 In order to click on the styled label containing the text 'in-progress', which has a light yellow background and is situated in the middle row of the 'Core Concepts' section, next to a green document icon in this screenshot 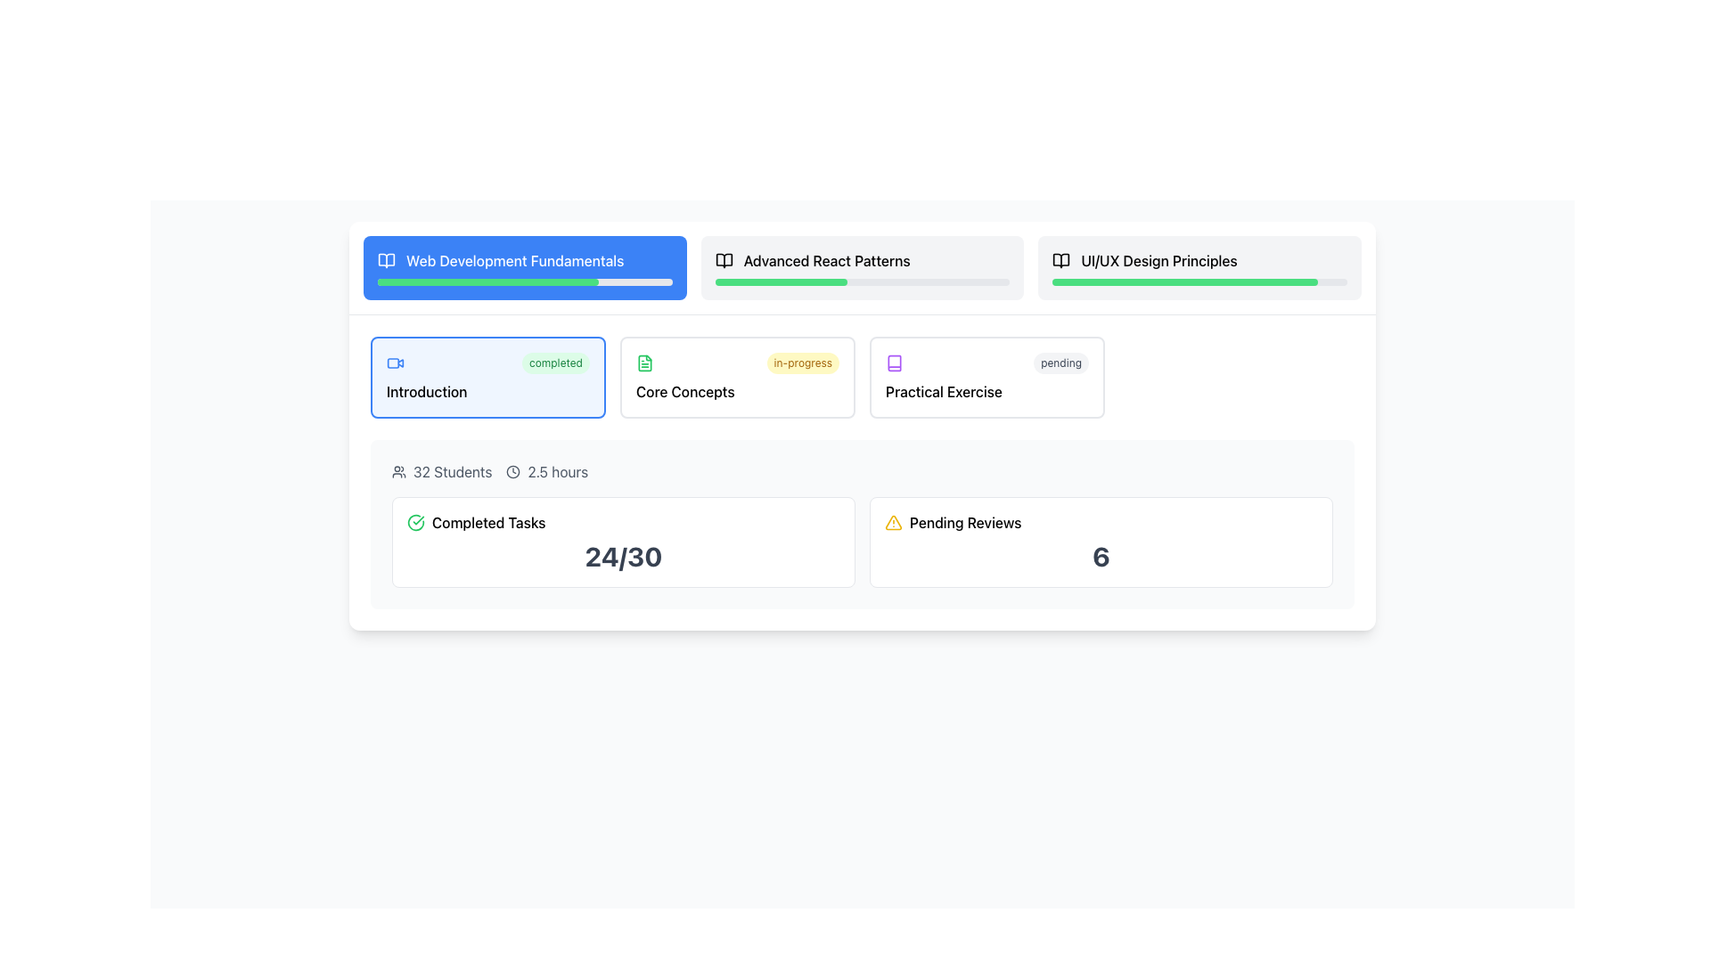, I will do `click(802, 363)`.